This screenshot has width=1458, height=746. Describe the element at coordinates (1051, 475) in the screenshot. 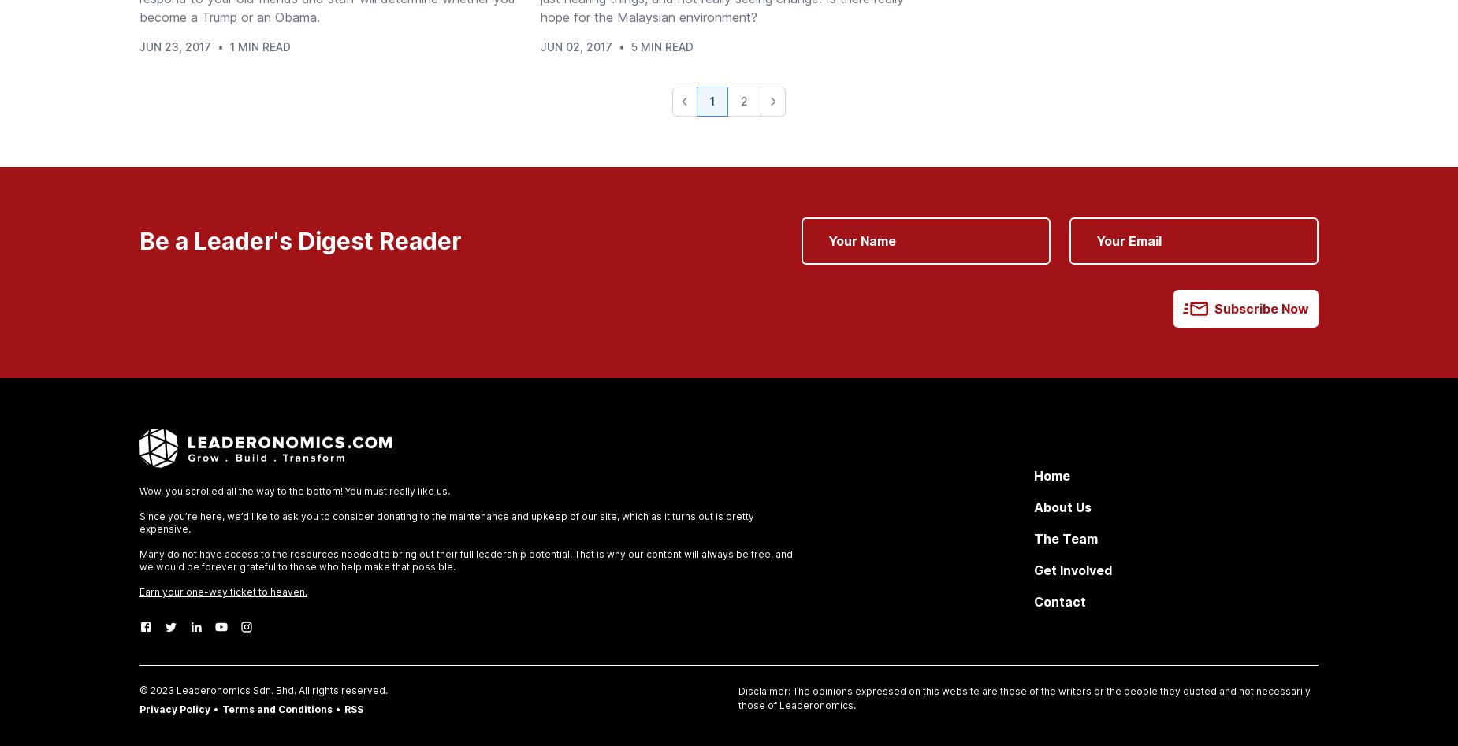

I see `'Home'` at that location.